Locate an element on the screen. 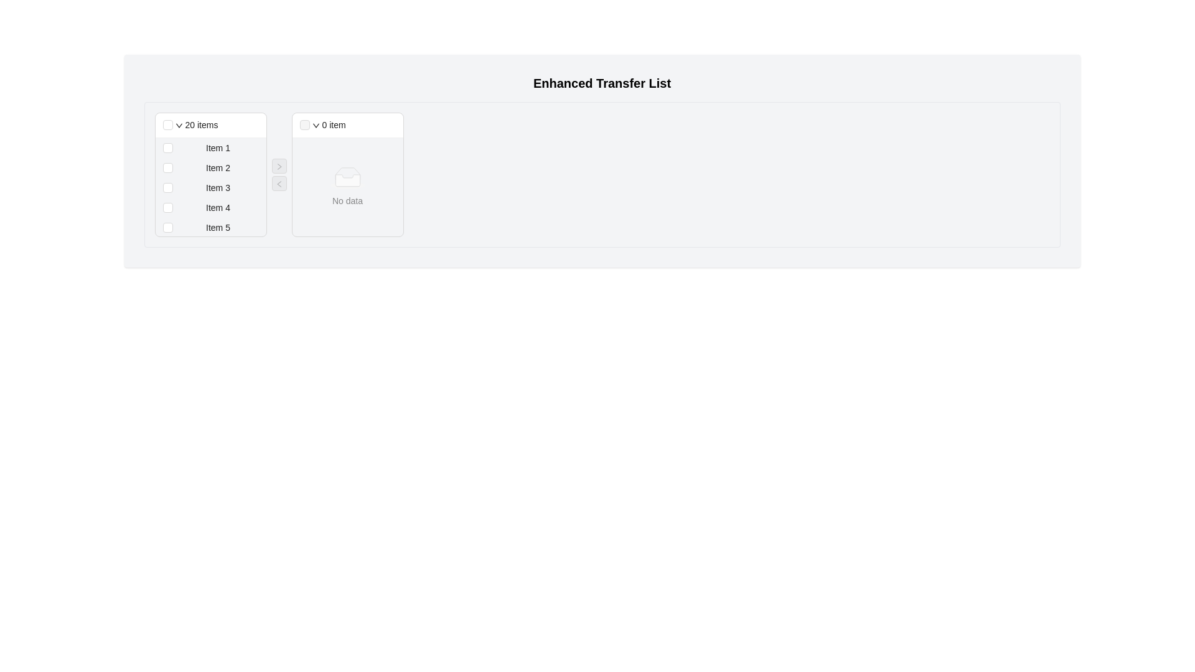 The image size is (1195, 672). the display message element that informs the user about the absence of items in the corresponding panel, located centrally in the right panel of a two-panel user interface is located at coordinates (347, 187).